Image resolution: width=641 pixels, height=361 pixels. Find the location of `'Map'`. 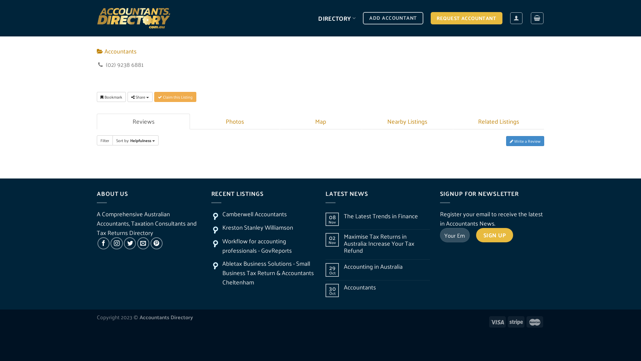

'Map' is located at coordinates (320, 121).